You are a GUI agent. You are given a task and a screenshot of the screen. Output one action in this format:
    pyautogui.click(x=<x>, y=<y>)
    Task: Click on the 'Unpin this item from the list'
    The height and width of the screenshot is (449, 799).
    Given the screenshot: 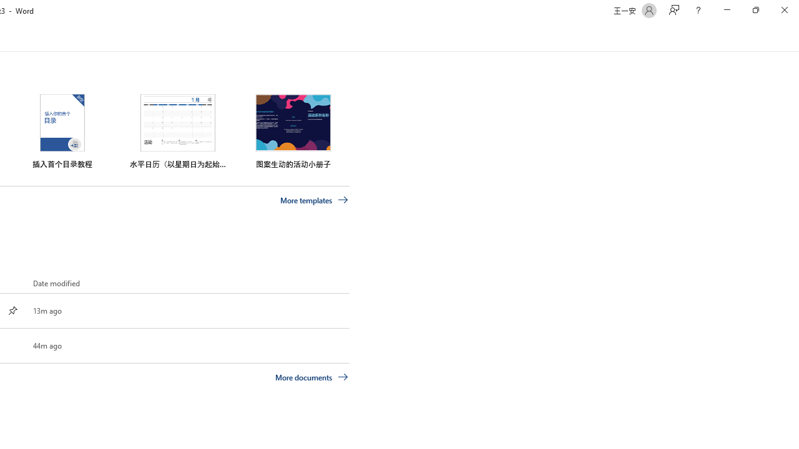 What is the action you would take?
    pyautogui.click(x=13, y=309)
    